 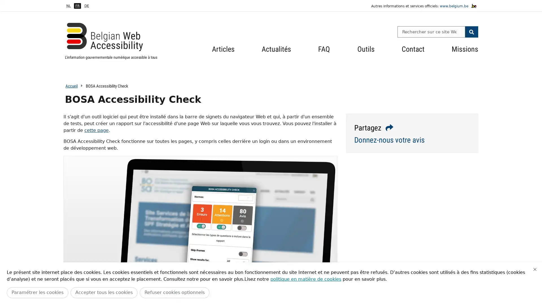 What do you see at coordinates (535, 269) in the screenshot?
I see `Fermer` at bounding box center [535, 269].